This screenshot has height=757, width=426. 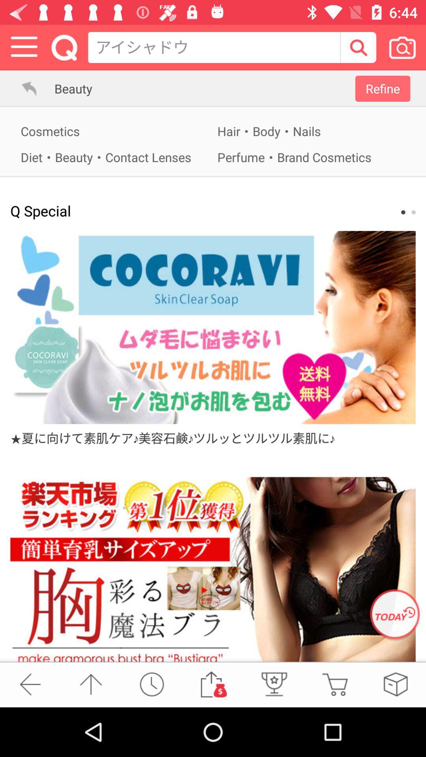 What do you see at coordinates (212, 684) in the screenshot?
I see `to the gift voucher` at bounding box center [212, 684].